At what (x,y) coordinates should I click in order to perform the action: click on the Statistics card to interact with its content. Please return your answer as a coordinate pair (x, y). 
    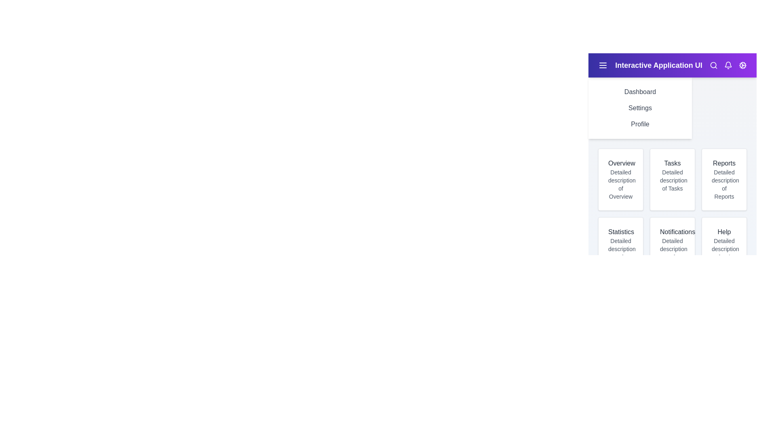
    Looking at the image, I should click on (620, 247).